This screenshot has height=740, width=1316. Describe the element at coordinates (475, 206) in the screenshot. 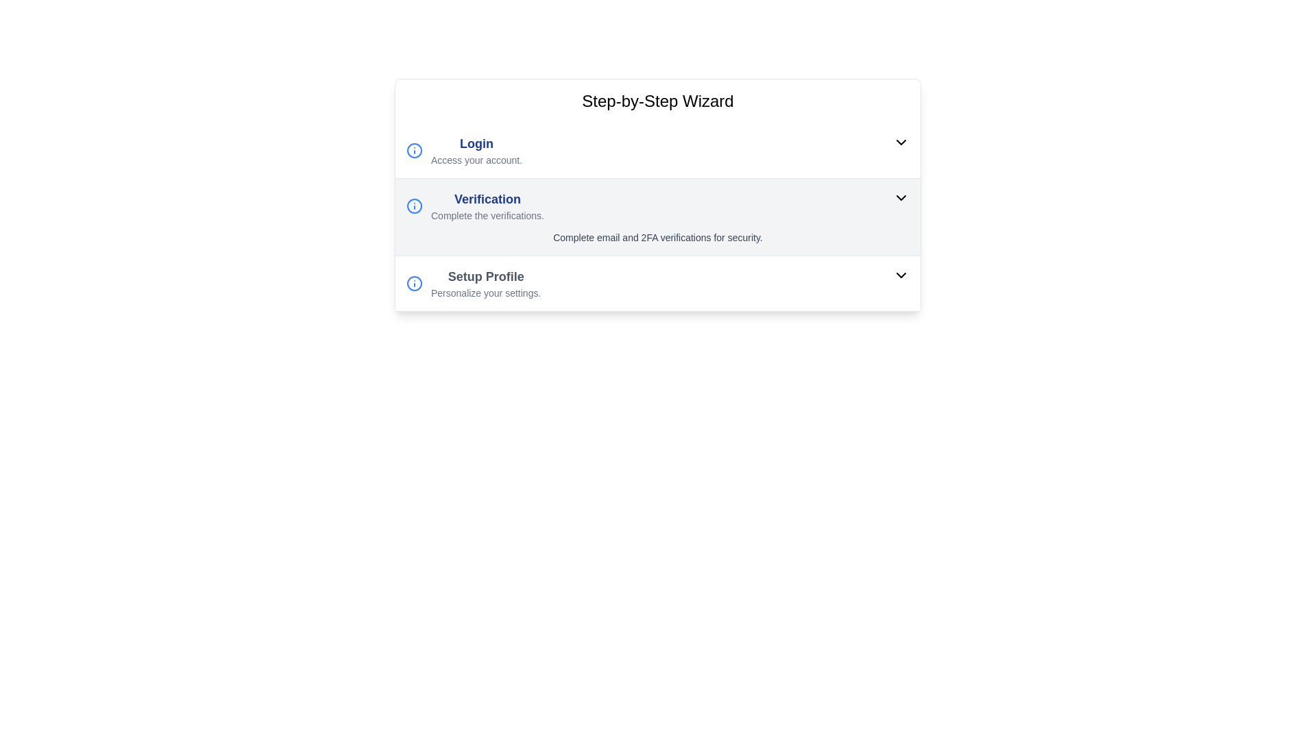

I see `the informational block with the heading 'Verification' and the description 'Complete the verifications.'` at that location.